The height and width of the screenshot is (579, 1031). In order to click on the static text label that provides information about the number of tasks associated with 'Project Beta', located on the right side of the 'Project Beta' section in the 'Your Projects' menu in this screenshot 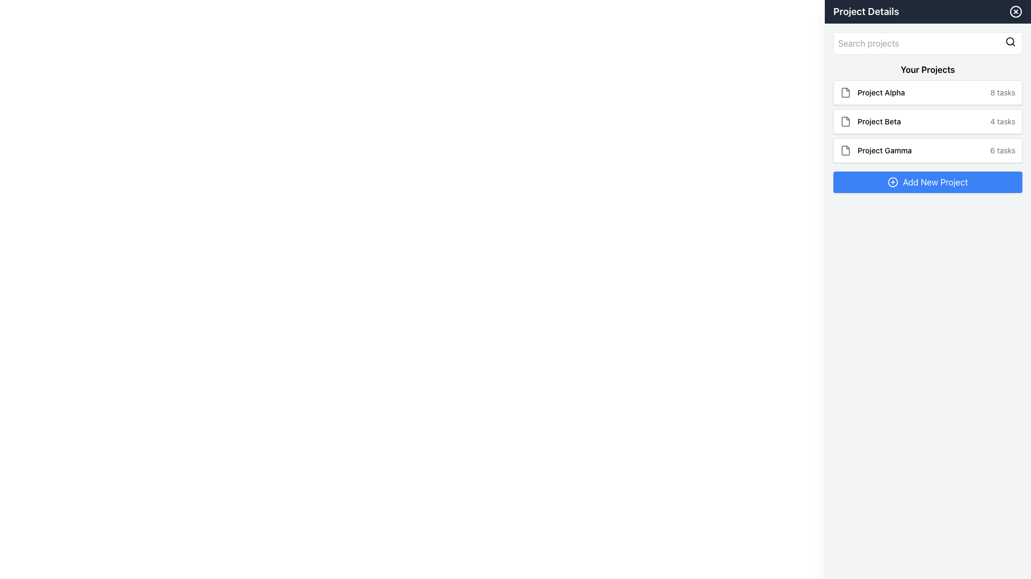, I will do `click(1002, 121)`.